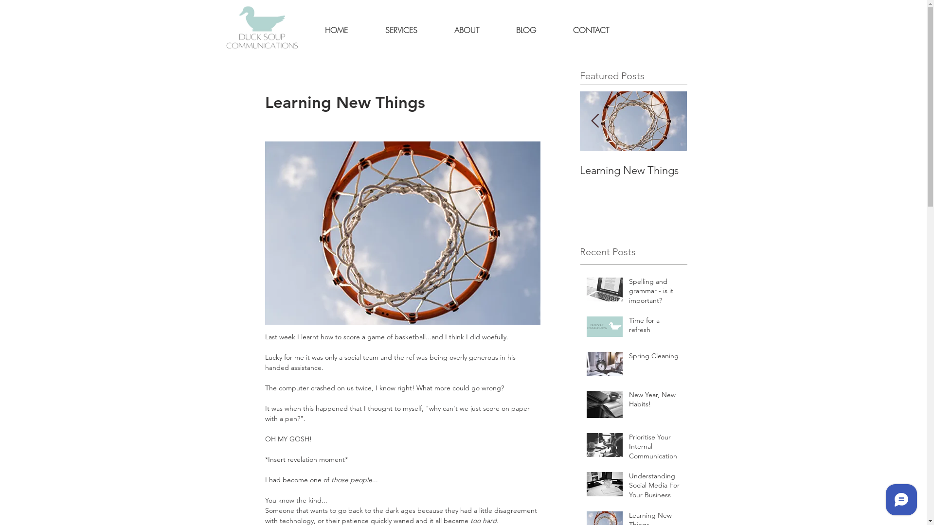 The image size is (934, 525). I want to click on 'Spelling and grammar - is it important?', so click(654, 293).